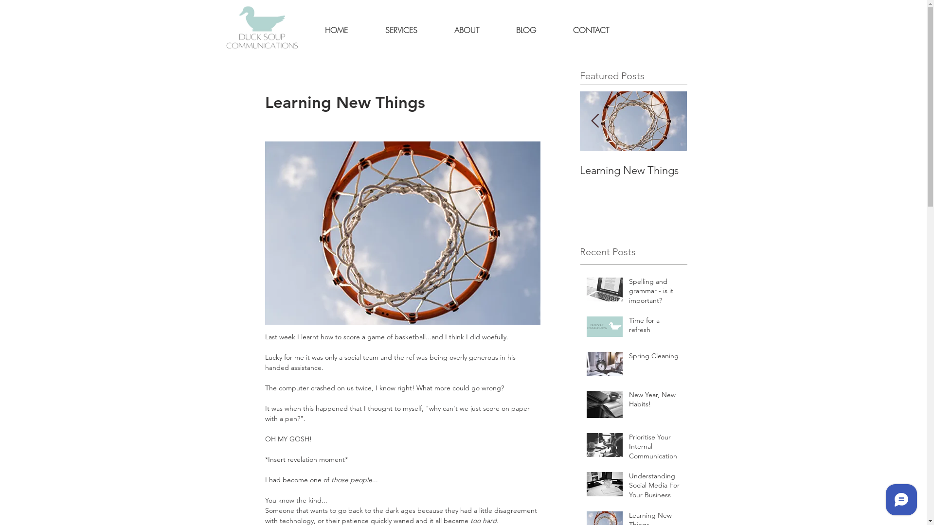 The image size is (934, 525). I want to click on 'Spelling and grammar - is it important?', so click(654, 293).